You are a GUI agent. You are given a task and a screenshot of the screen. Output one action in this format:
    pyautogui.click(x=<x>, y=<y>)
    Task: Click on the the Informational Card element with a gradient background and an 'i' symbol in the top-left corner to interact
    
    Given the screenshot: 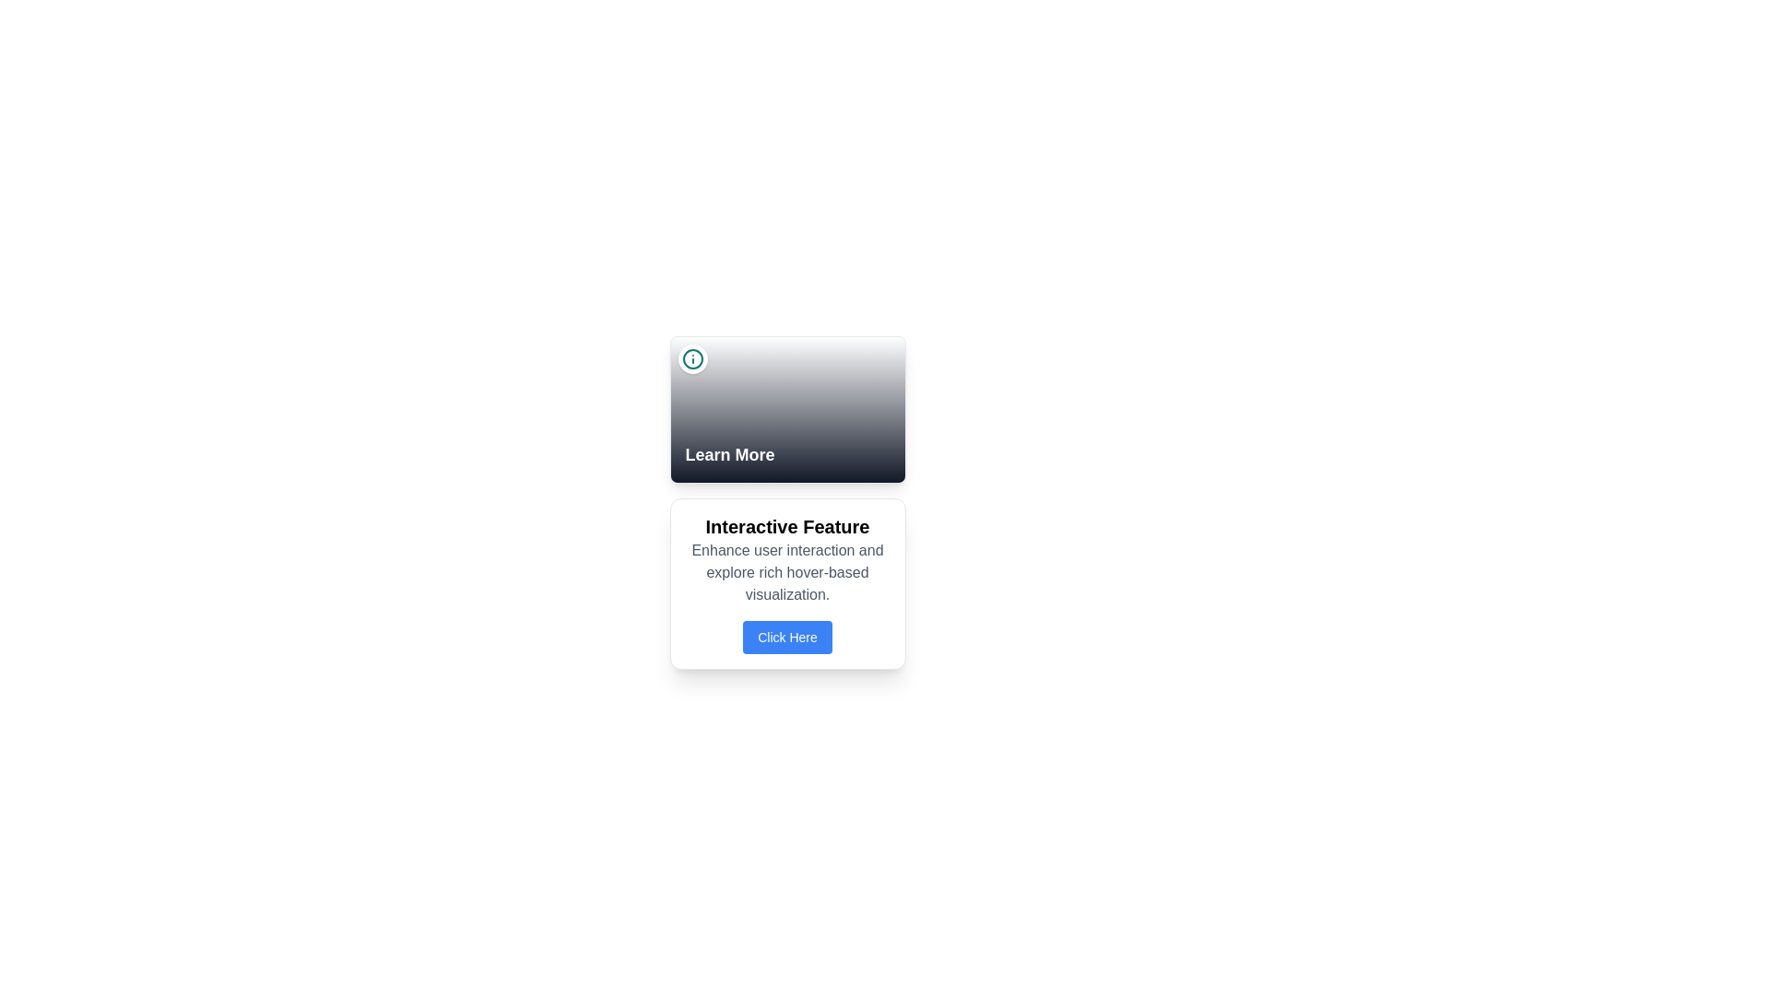 What is the action you would take?
    pyautogui.click(x=787, y=408)
    